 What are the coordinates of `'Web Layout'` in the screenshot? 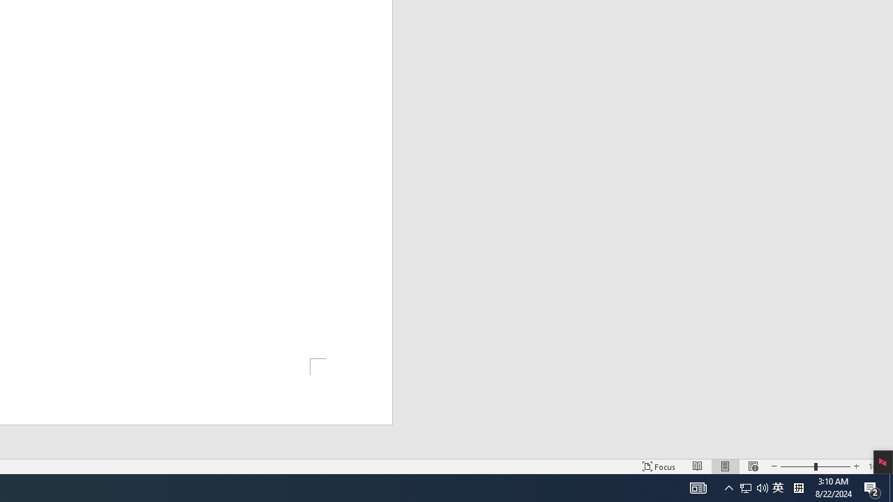 It's located at (752, 466).